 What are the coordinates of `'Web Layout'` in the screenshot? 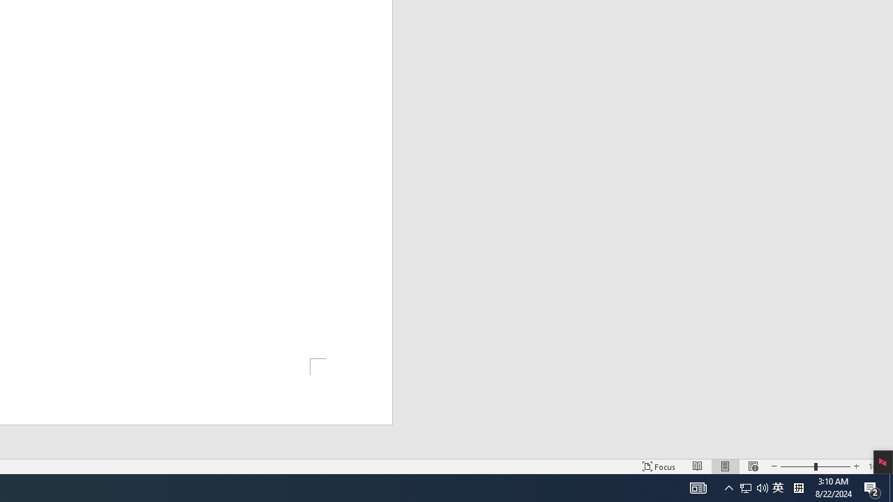 It's located at (752, 466).